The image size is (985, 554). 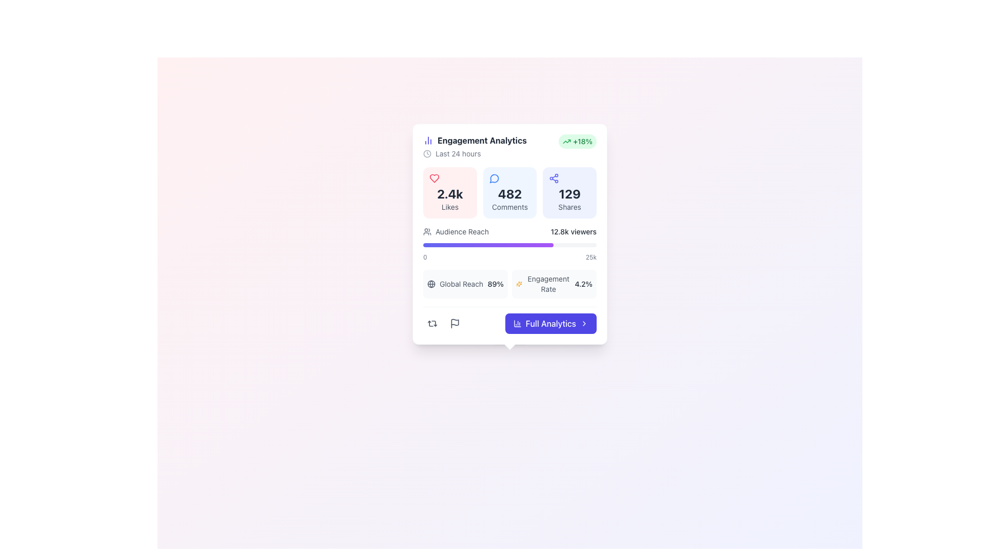 What do you see at coordinates (509, 334) in the screenshot?
I see `the decorative indicator, which is a small white square rotated by 45 degrees, located directly beneath the blue rounded button labeled 'Full Analytics'` at bounding box center [509, 334].